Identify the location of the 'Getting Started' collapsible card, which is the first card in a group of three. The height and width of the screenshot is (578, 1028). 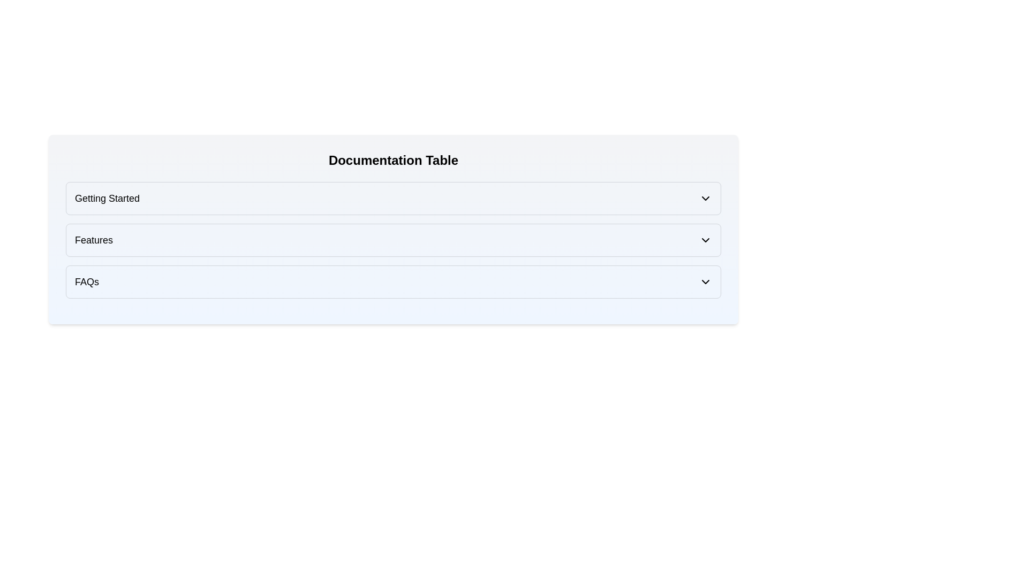
(392, 198).